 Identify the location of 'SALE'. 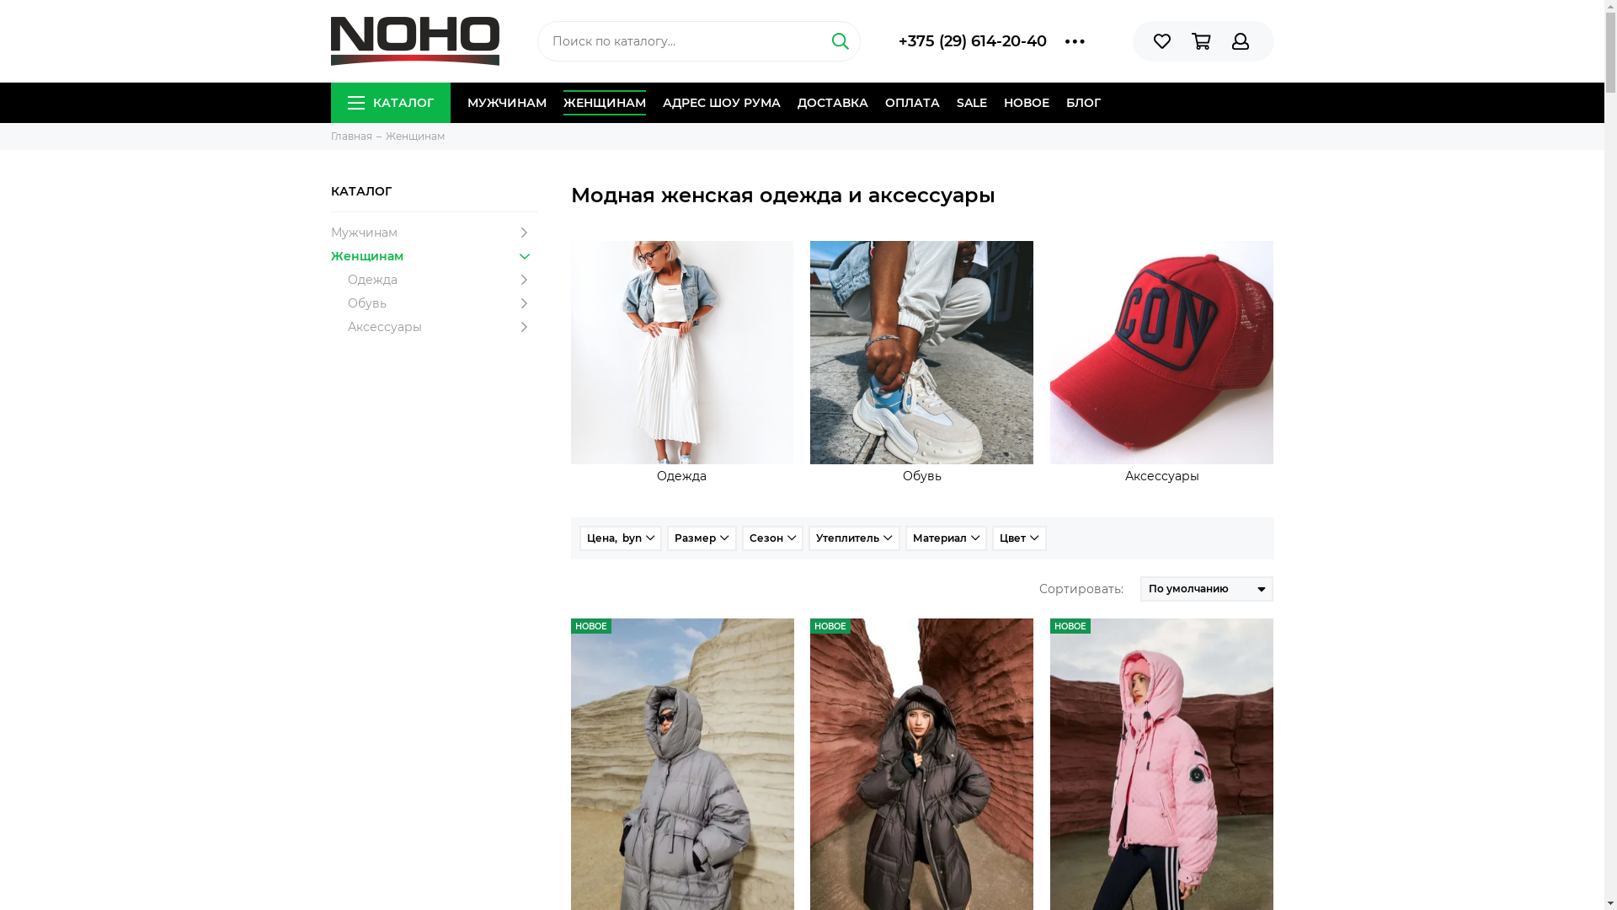
(971, 103).